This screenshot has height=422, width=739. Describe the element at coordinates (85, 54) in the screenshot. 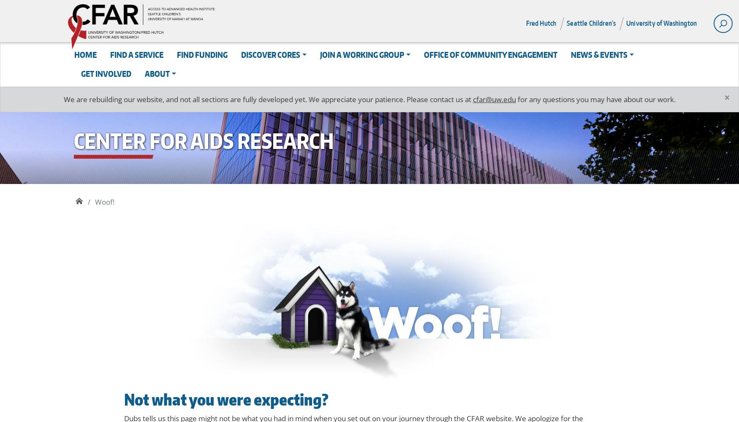

I see `'Home'` at that location.